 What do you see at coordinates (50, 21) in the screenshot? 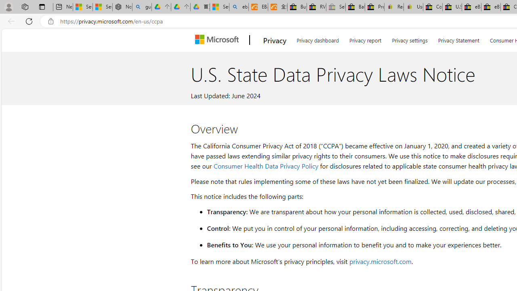
I see `'View site information'` at bounding box center [50, 21].